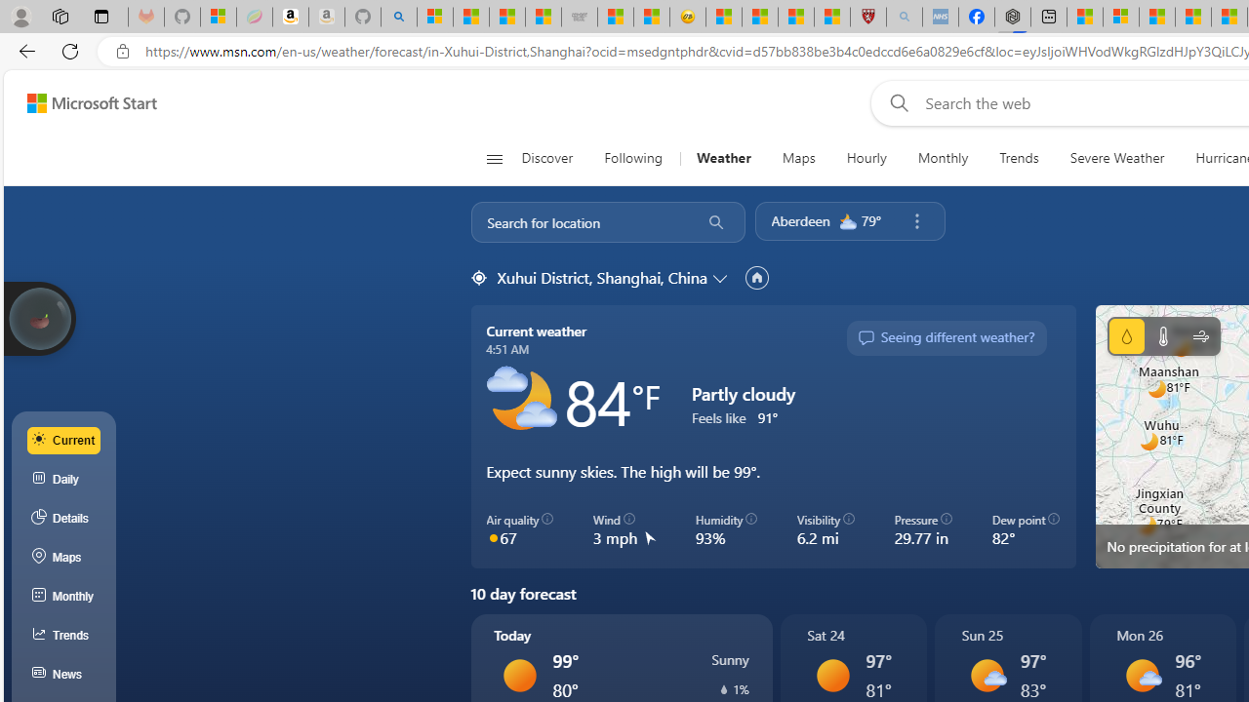 This screenshot has height=702, width=1249. What do you see at coordinates (946, 337) in the screenshot?
I see `'Seeing different weather?'` at bounding box center [946, 337].